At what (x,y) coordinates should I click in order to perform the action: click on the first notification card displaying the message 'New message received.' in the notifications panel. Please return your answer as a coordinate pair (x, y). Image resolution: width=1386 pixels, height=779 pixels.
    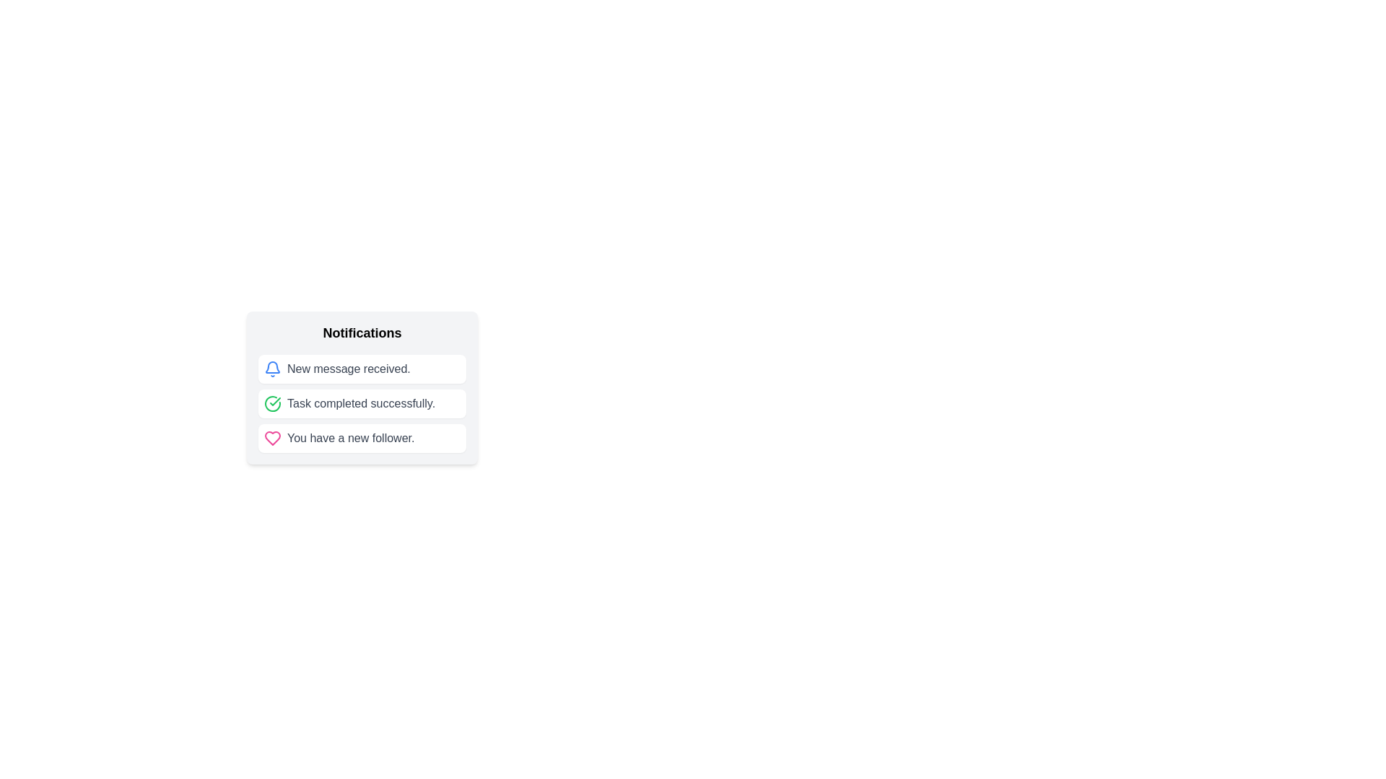
    Looking at the image, I should click on (362, 369).